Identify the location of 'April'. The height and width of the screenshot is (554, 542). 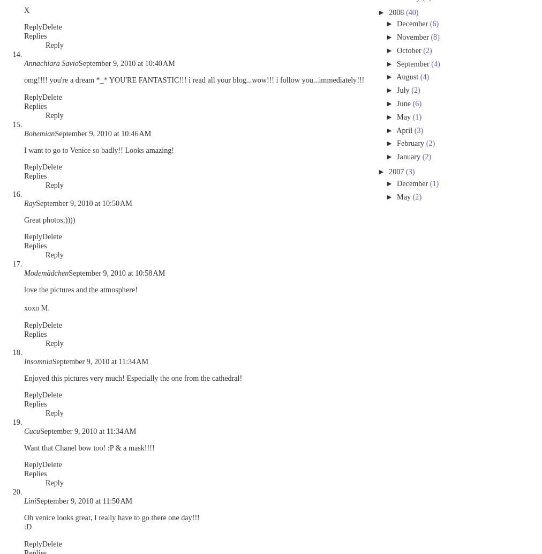
(405, 129).